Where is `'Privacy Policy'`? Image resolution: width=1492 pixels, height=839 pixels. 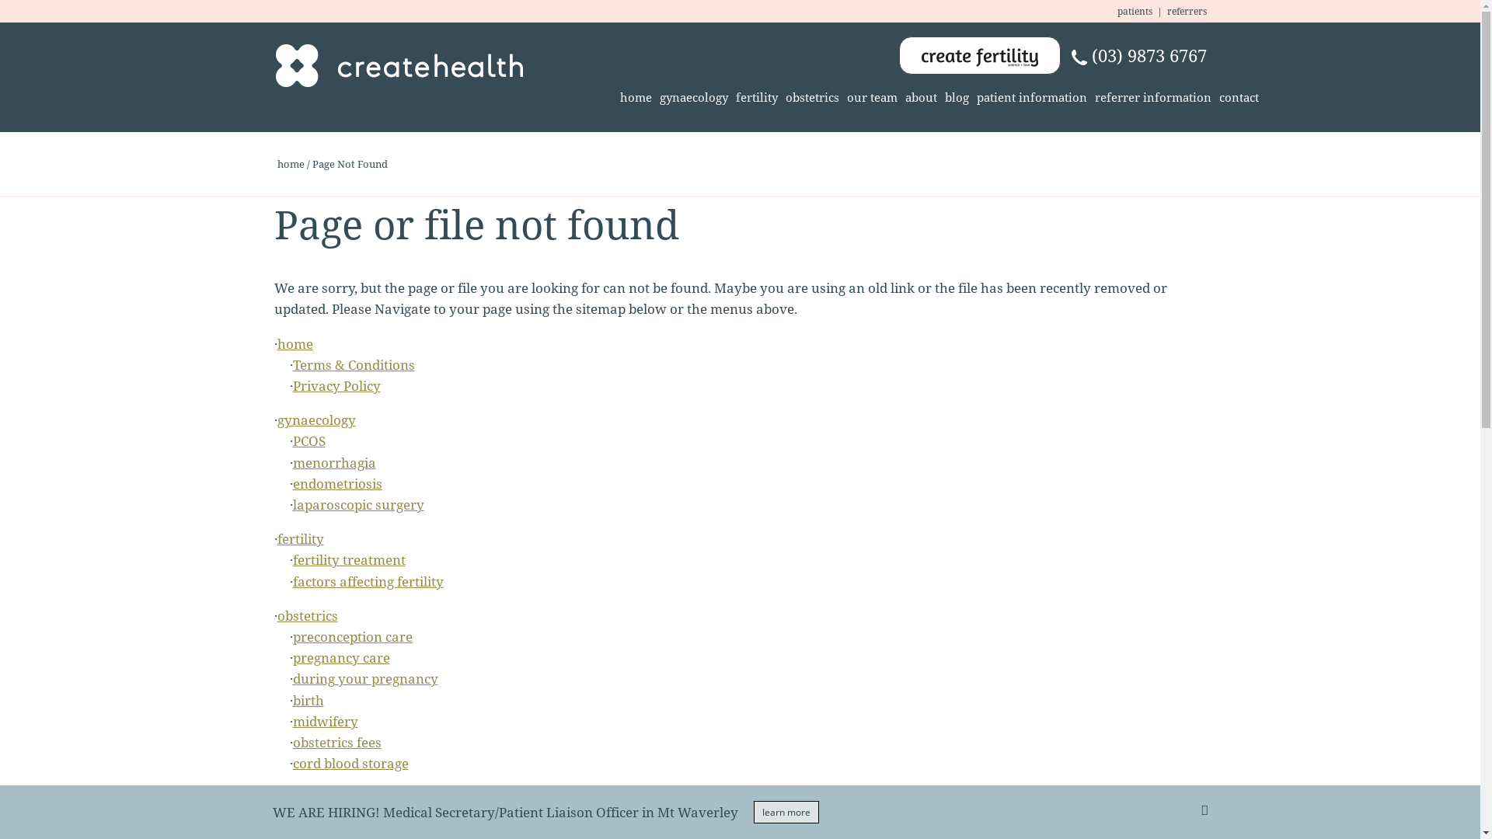
'Privacy Policy' is located at coordinates (335, 385).